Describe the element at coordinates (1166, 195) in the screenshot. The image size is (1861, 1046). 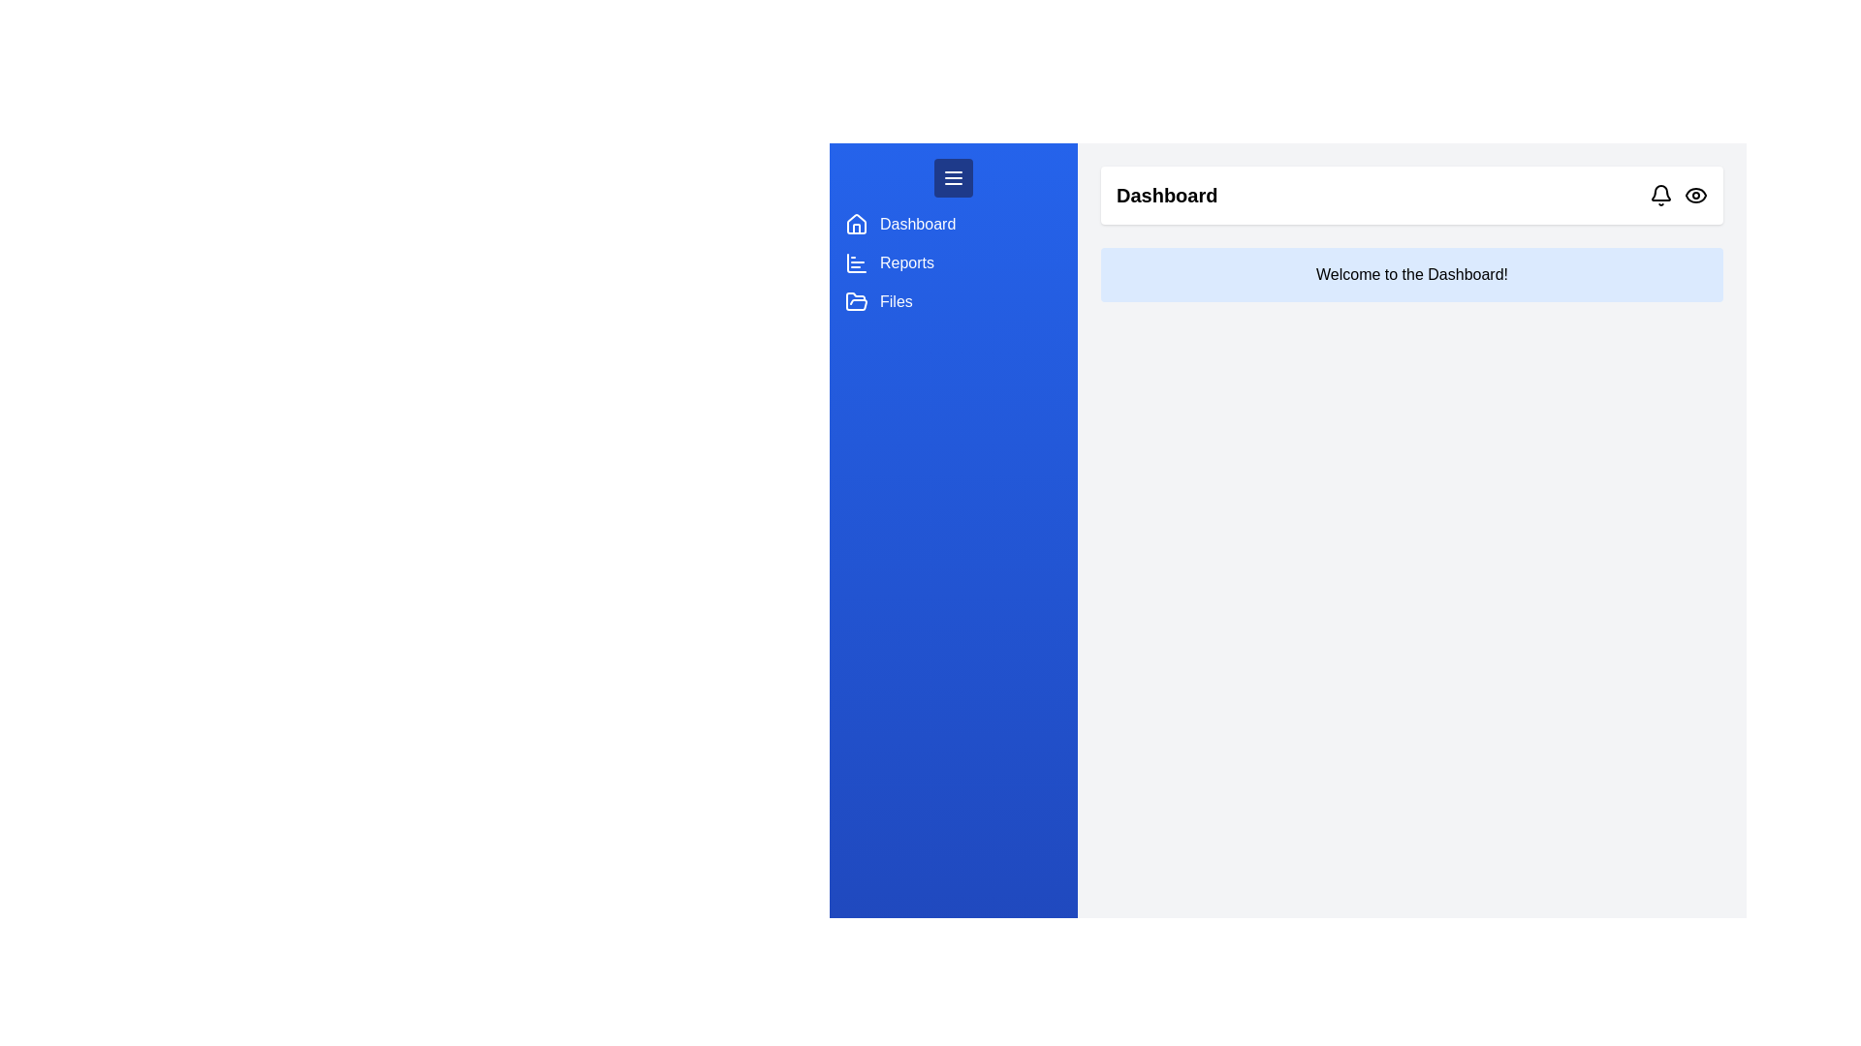
I see `the bold heading text 'Dashboard' located in the header bar, which is positioned towards the center-left of the bar, right next to the vertical blue sidebar` at that location.